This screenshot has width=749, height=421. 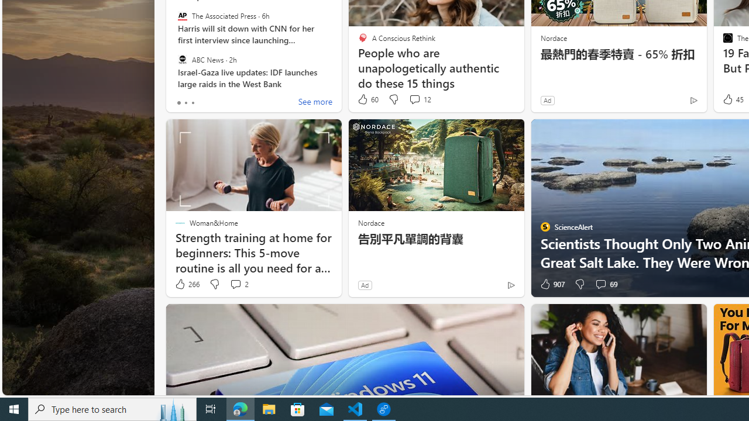 I want to click on 'The Associated Press', so click(x=181, y=16).